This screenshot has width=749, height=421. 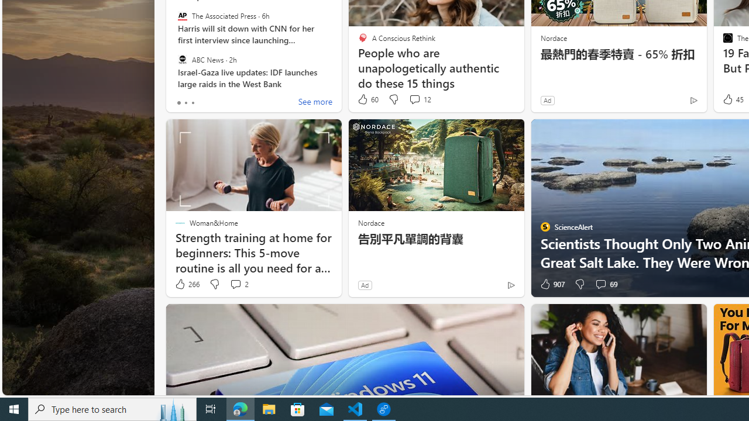 I want to click on 'The Associated Press', so click(x=181, y=16).